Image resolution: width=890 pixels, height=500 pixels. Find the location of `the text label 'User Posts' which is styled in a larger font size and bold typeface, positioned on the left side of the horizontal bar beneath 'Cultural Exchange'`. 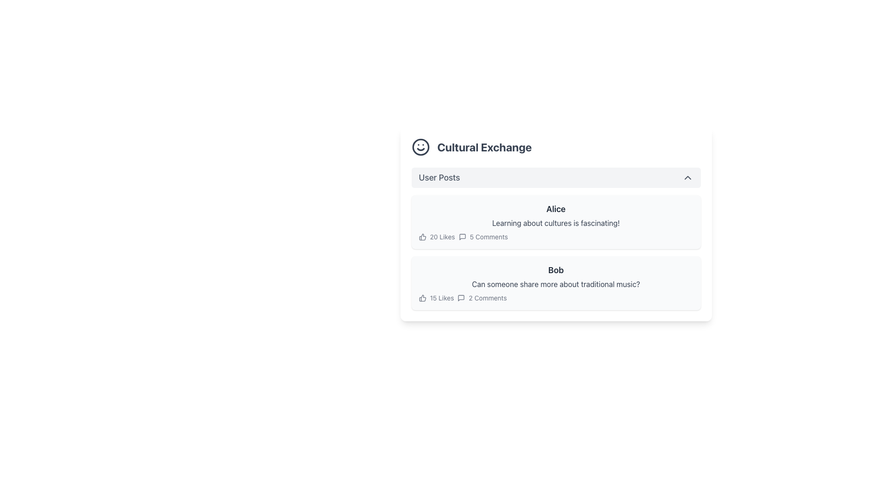

the text label 'User Posts' which is styled in a larger font size and bold typeface, positioned on the left side of the horizontal bar beneath 'Cultural Exchange' is located at coordinates (439, 178).